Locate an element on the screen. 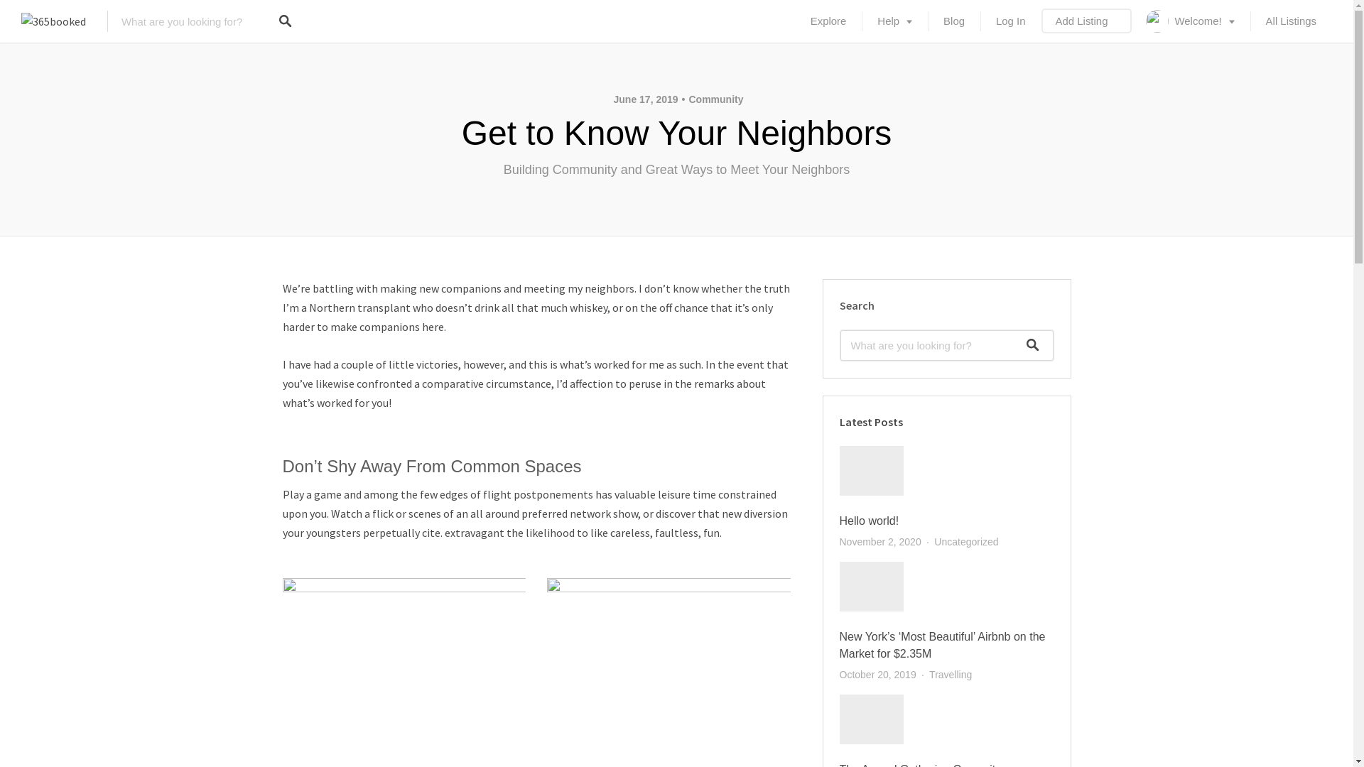 The height and width of the screenshot is (767, 1364). 'Travelling' is located at coordinates (951, 673).